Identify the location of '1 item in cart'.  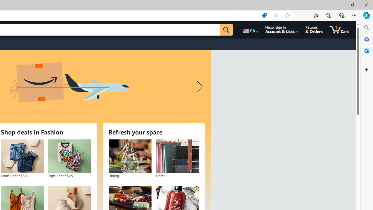
(339, 29).